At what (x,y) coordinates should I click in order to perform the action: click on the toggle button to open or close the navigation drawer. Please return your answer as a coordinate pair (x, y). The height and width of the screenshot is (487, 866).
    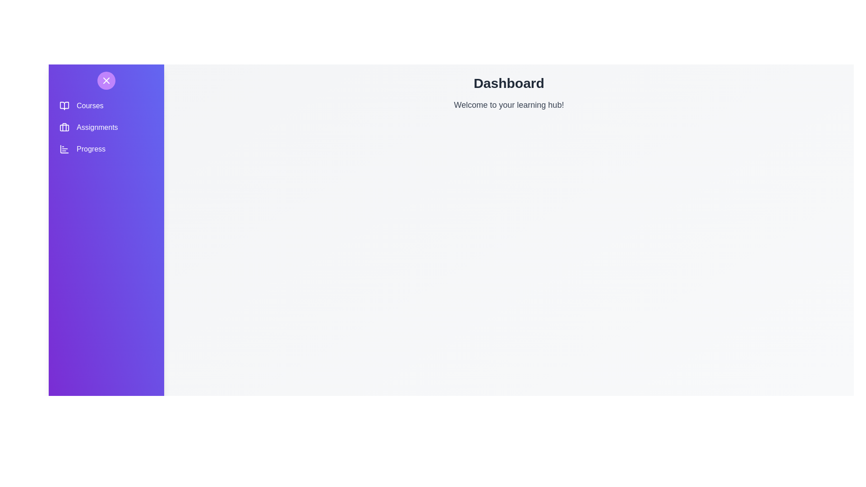
    Looking at the image, I should click on (106, 80).